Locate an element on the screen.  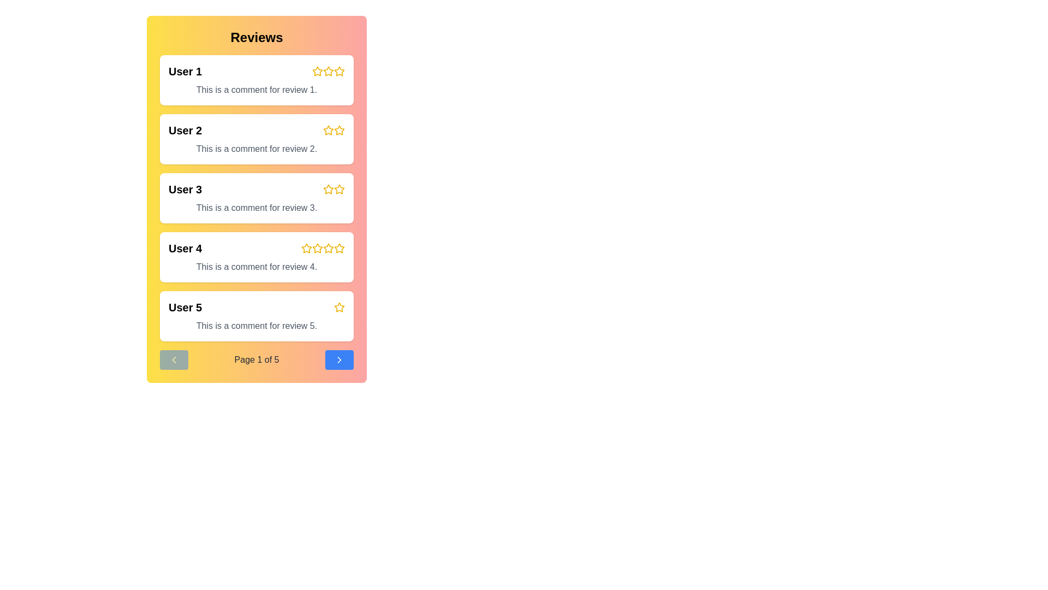
the third star in the five-star rating system within the 'User 1' review card is located at coordinates (327, 72).